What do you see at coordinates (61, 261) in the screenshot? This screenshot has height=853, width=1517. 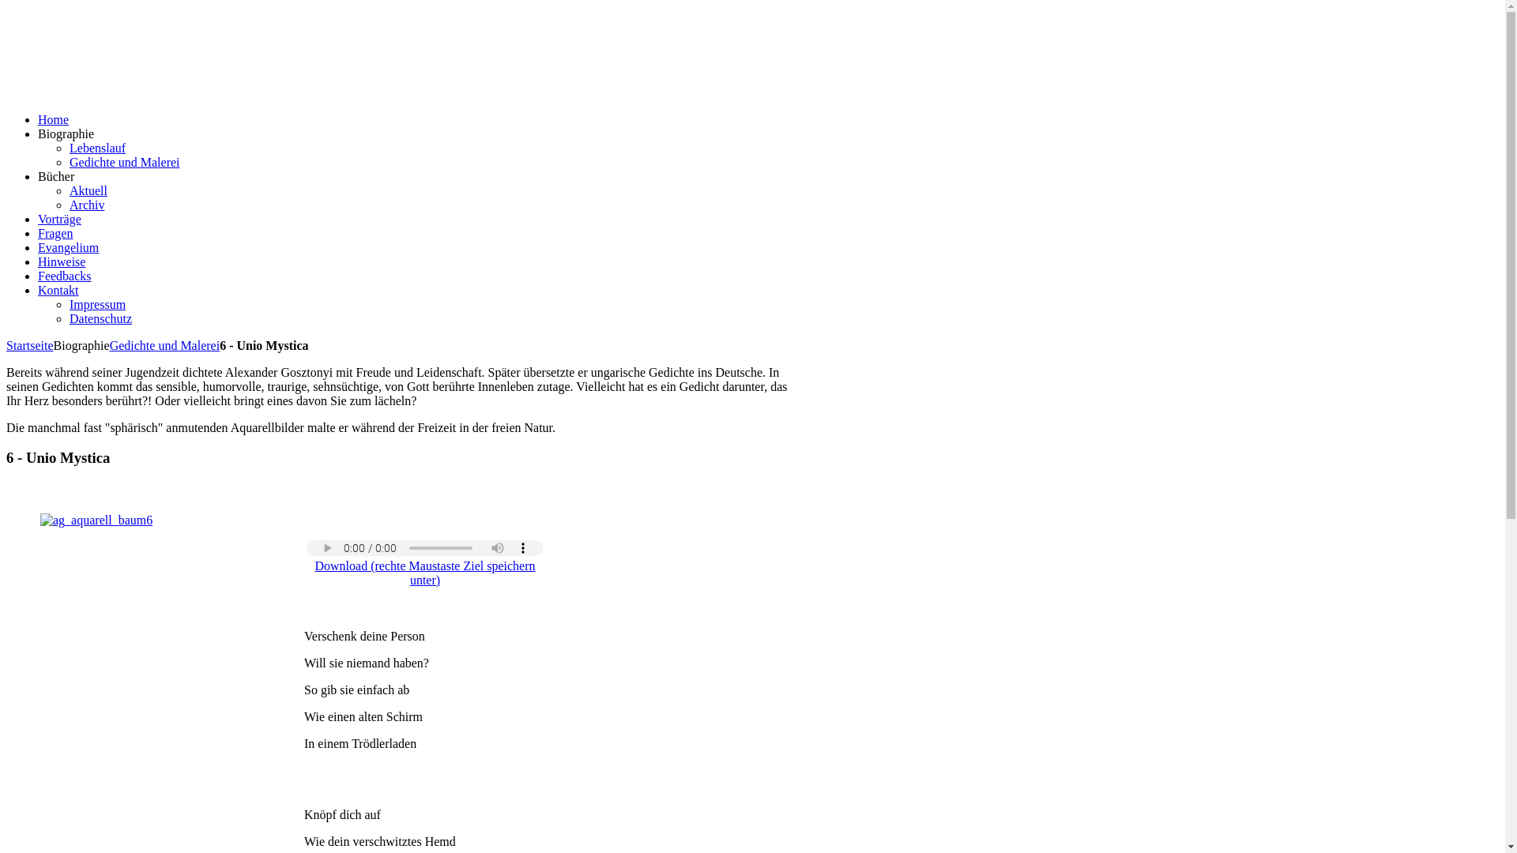 I see `'Hinweise'` at bounding box center [61, 261].